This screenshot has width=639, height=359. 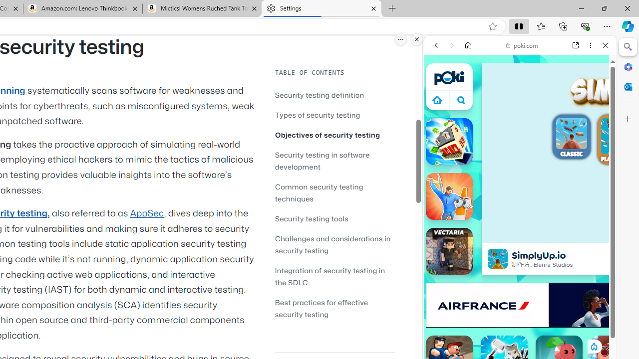 What do you see at coordinates (594, 346) in the screenshot?
I see `'Class: rCs5cyEiqiTpYvt_VBCR'` at bounding box center [594, 346].